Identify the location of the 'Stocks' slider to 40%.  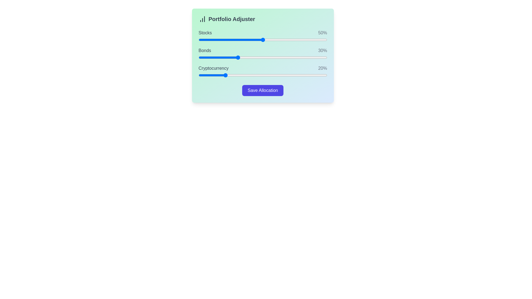
(250, 39).